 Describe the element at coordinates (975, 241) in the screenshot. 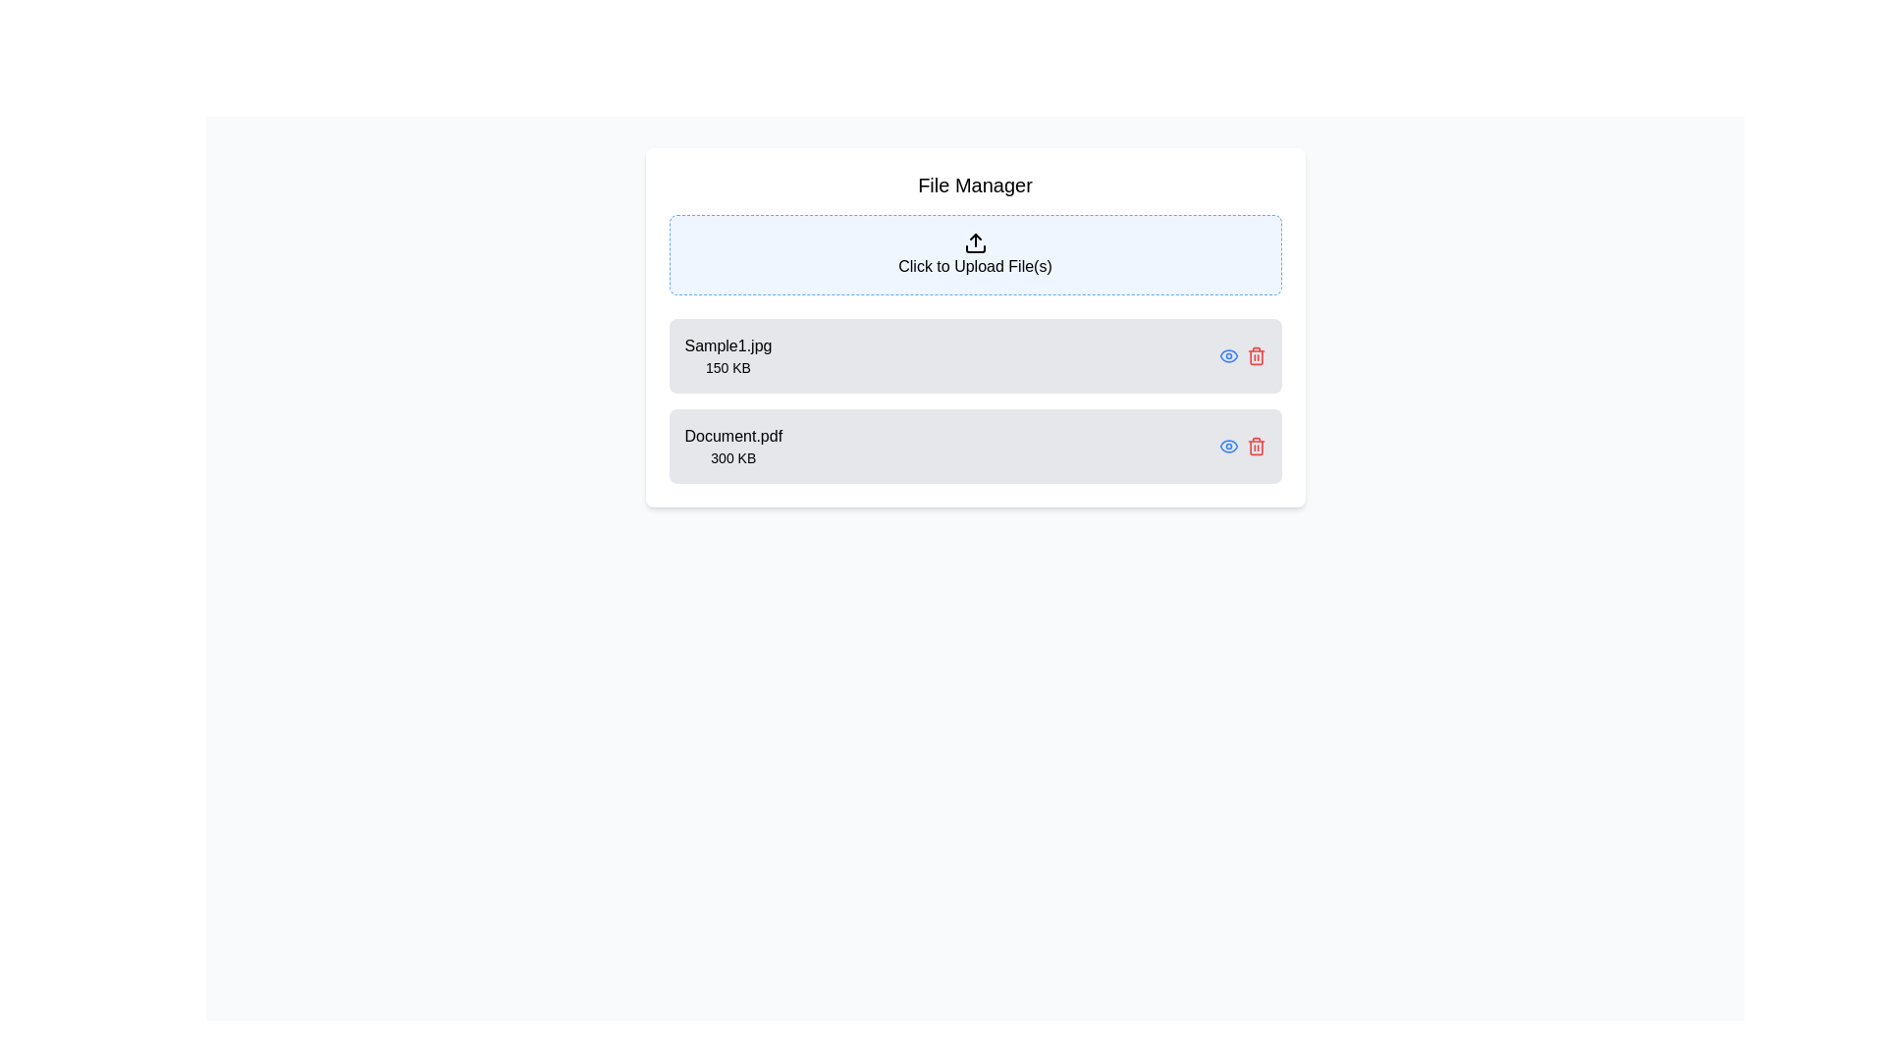

I see `the Upload Indicator icon, which is an upward arrow with a straight line, located in the File Upload section above the 'Click to Upload File(s)' label` at that location.